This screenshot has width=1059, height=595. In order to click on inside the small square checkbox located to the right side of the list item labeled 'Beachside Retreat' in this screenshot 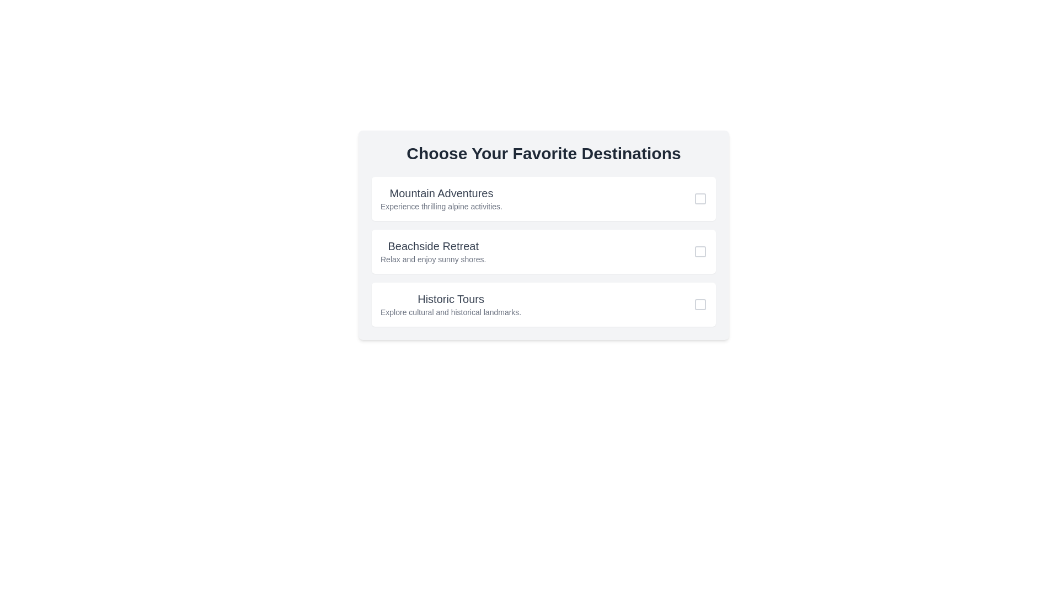, I will do `click(700, 251)`.